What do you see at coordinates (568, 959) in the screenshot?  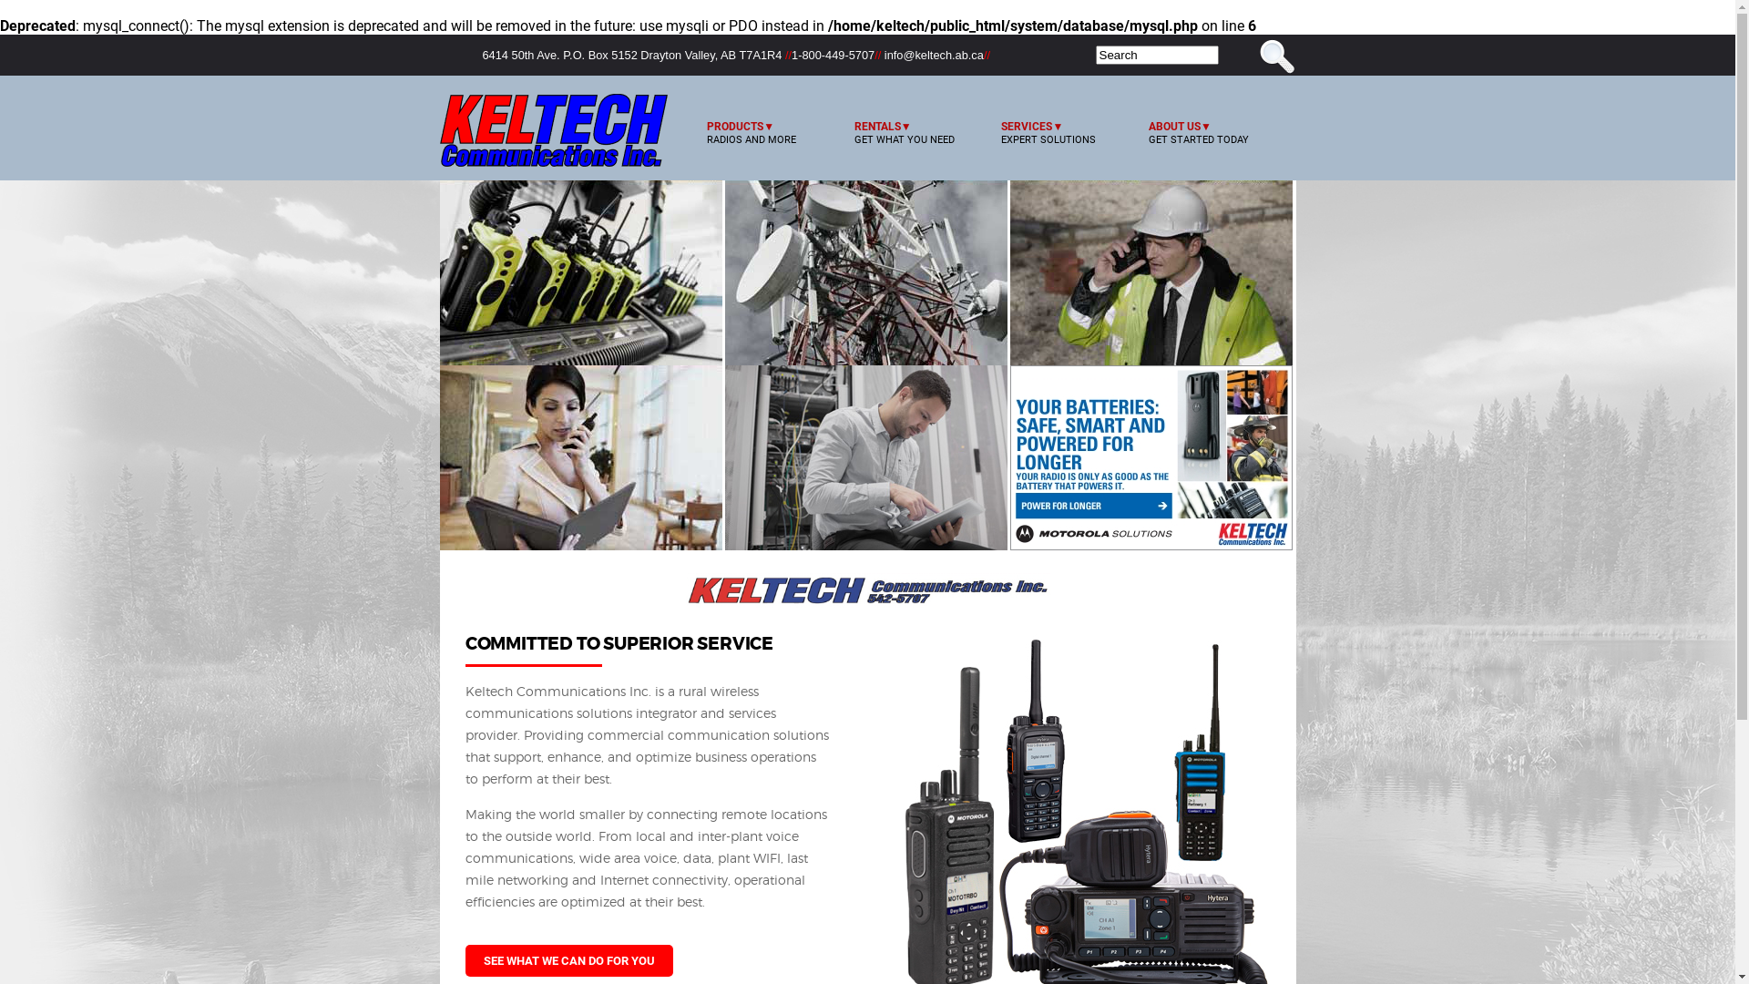 I see `'SEE WHAT WE CAN DO FOR YOU'` at bounding box center [568, 959].